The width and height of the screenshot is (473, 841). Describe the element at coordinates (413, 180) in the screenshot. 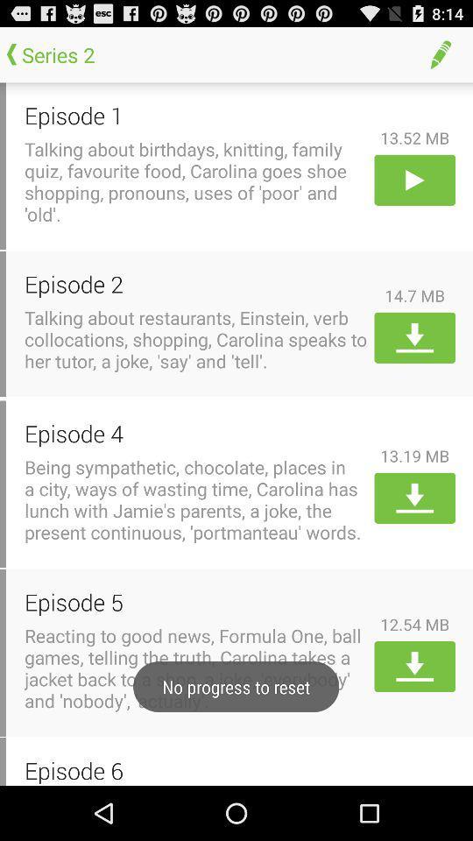

I see `episode` at that location.